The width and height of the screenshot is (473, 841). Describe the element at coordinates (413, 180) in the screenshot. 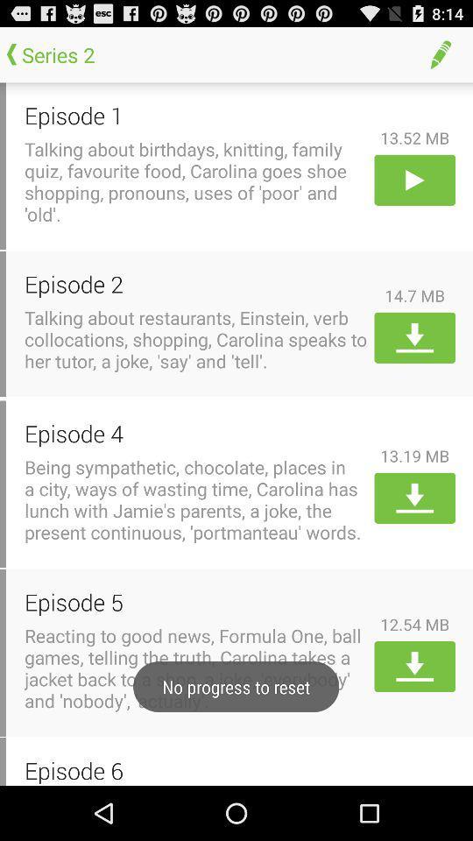

I see `episode` at that location.